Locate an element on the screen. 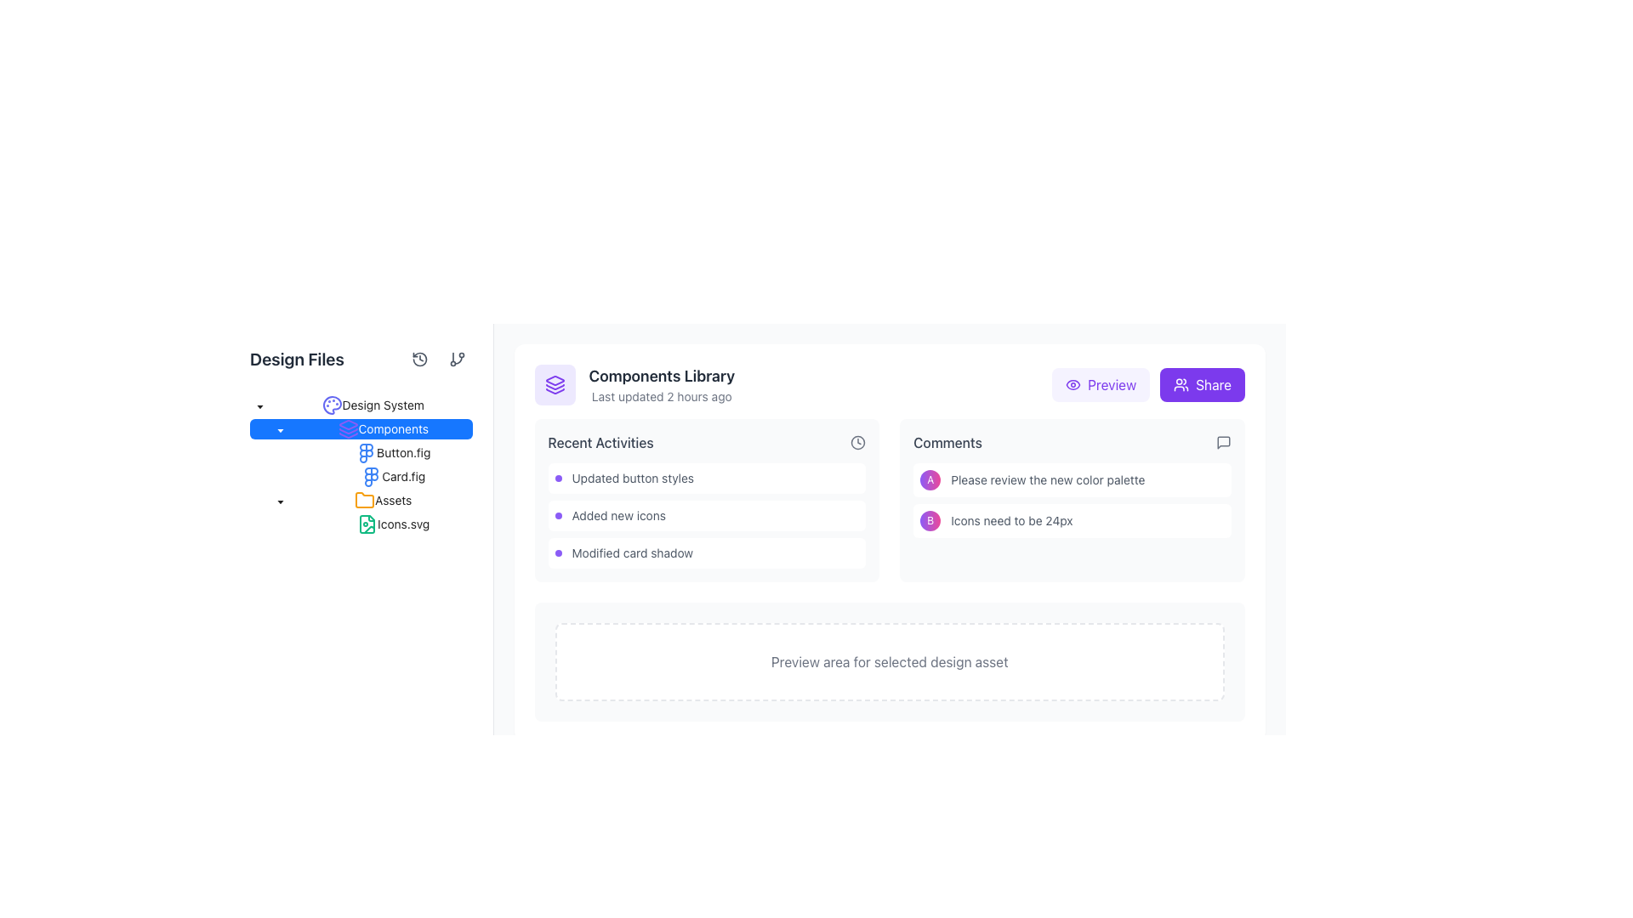 This screenshot has height=918, width=1633. the group of interactive buttons with vector icons located in the top-right area of the 'Design Files' panel is located at coordinates (438, 359).